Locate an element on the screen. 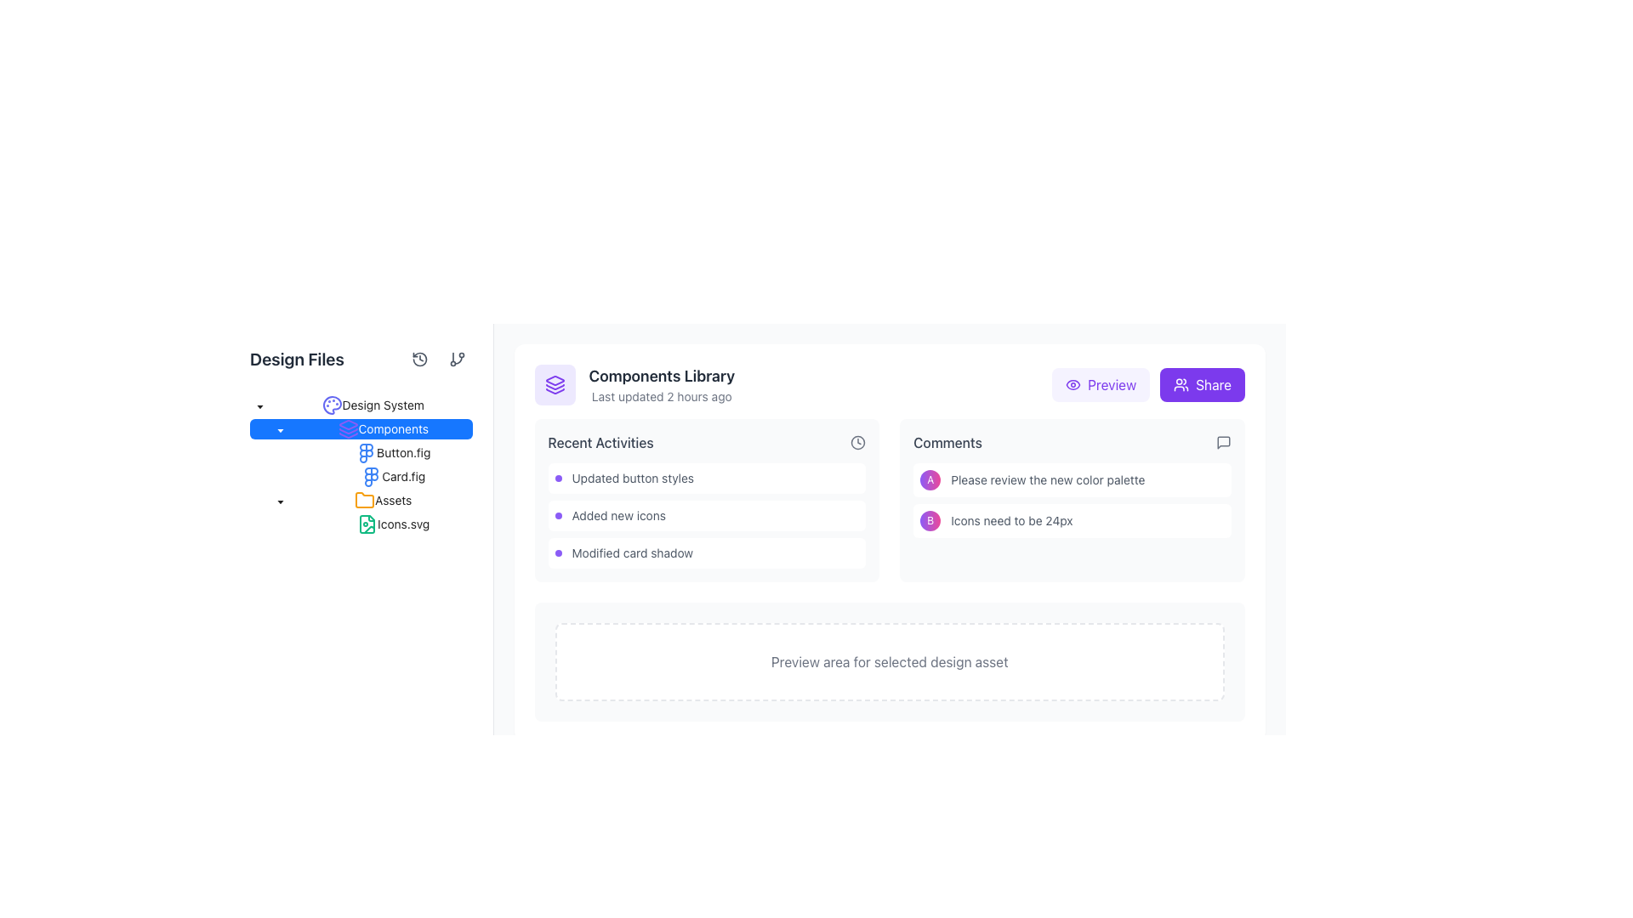 This screenshot has height=918, width=1633. the group of interactive buttons with vector icons located in the top-right area of the 'Design Files' panel is located at coordinates (438, 359).